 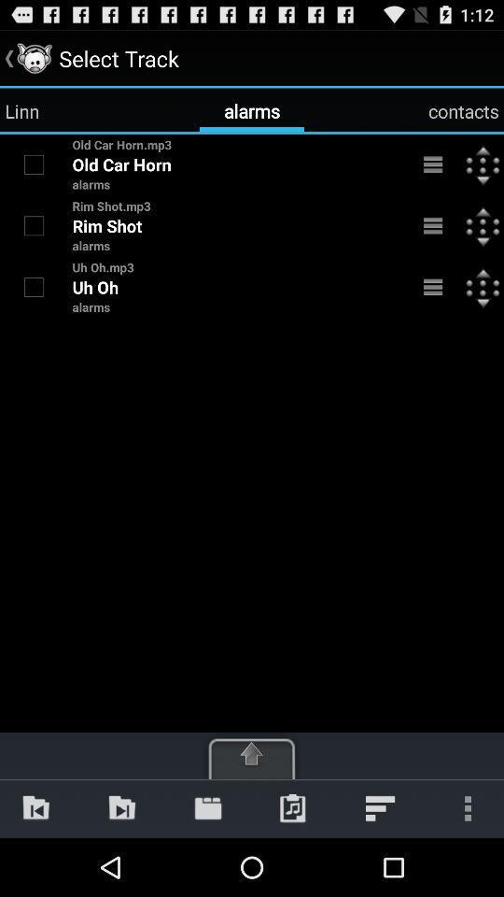 I want to click on app below alarms item, so click(x=121, y=807).